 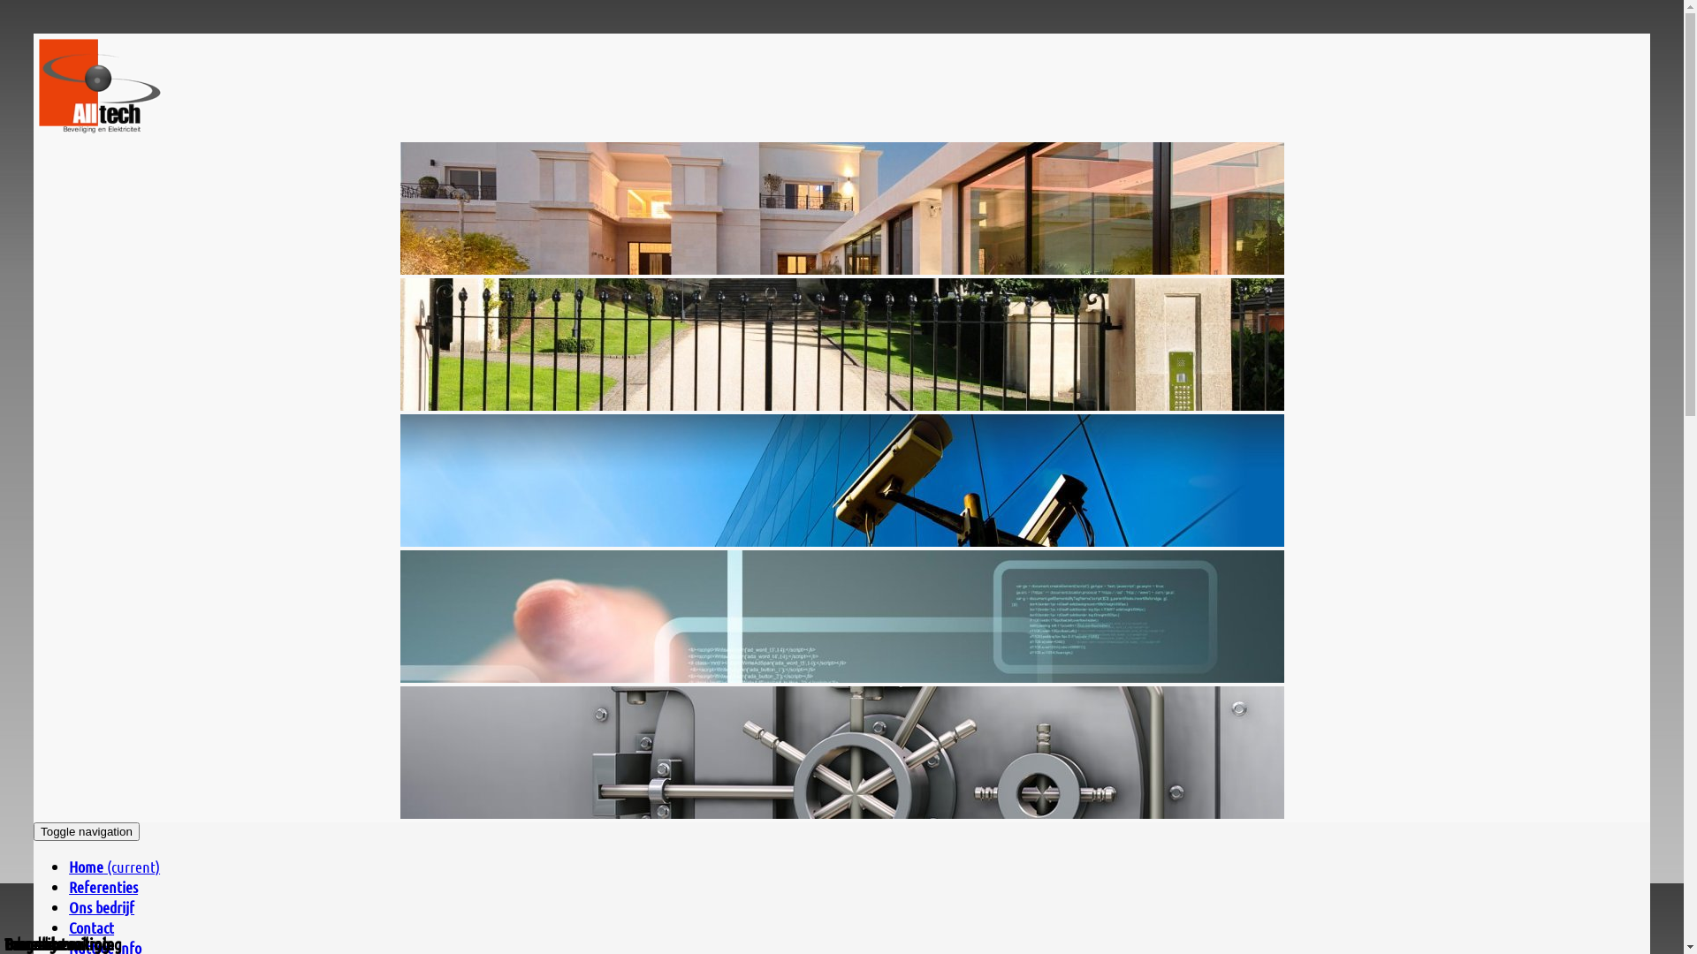 What do you see at coordinates (90, 926) in the screenshot?
I see `'Contact'` at bounding box center [90, 926].